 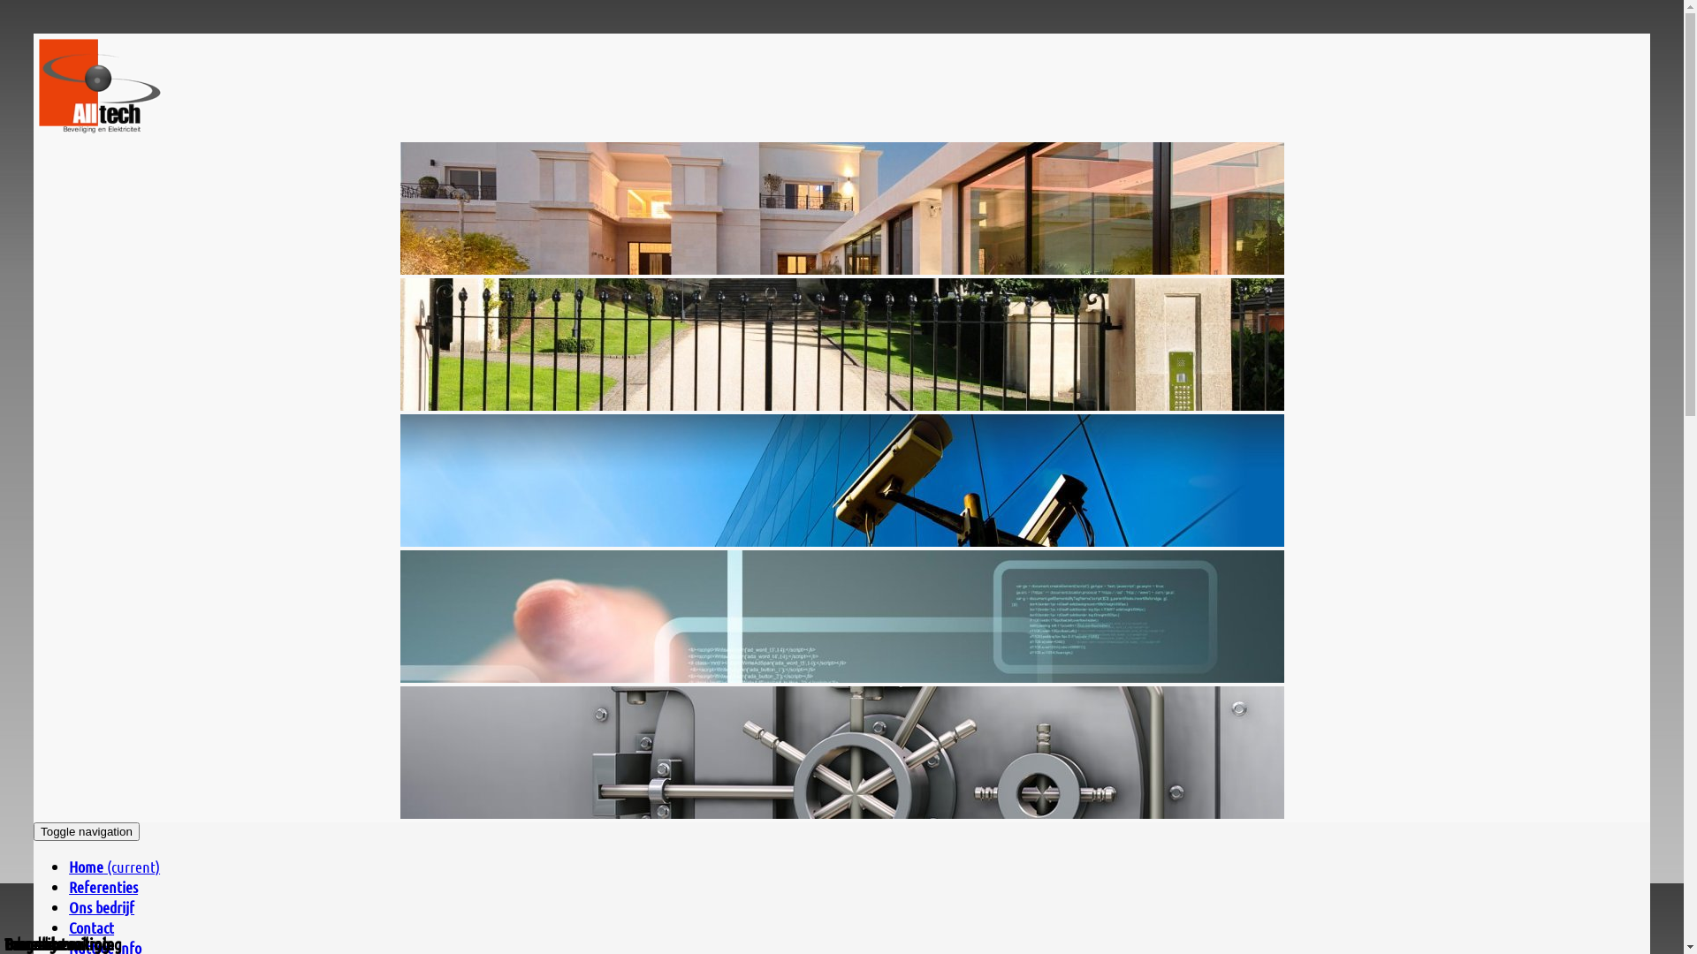 What do you see at coordinates (90, 926) in the screenshot?
I see `'Contact'` at bounding box center [90, 926].